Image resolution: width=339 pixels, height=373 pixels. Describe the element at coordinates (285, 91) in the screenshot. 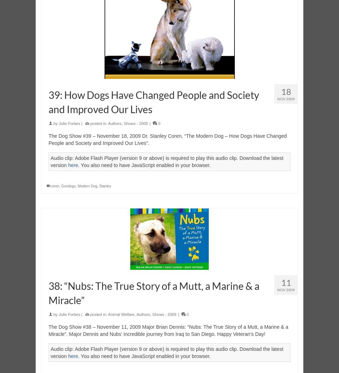

I see `'18'` at that location.